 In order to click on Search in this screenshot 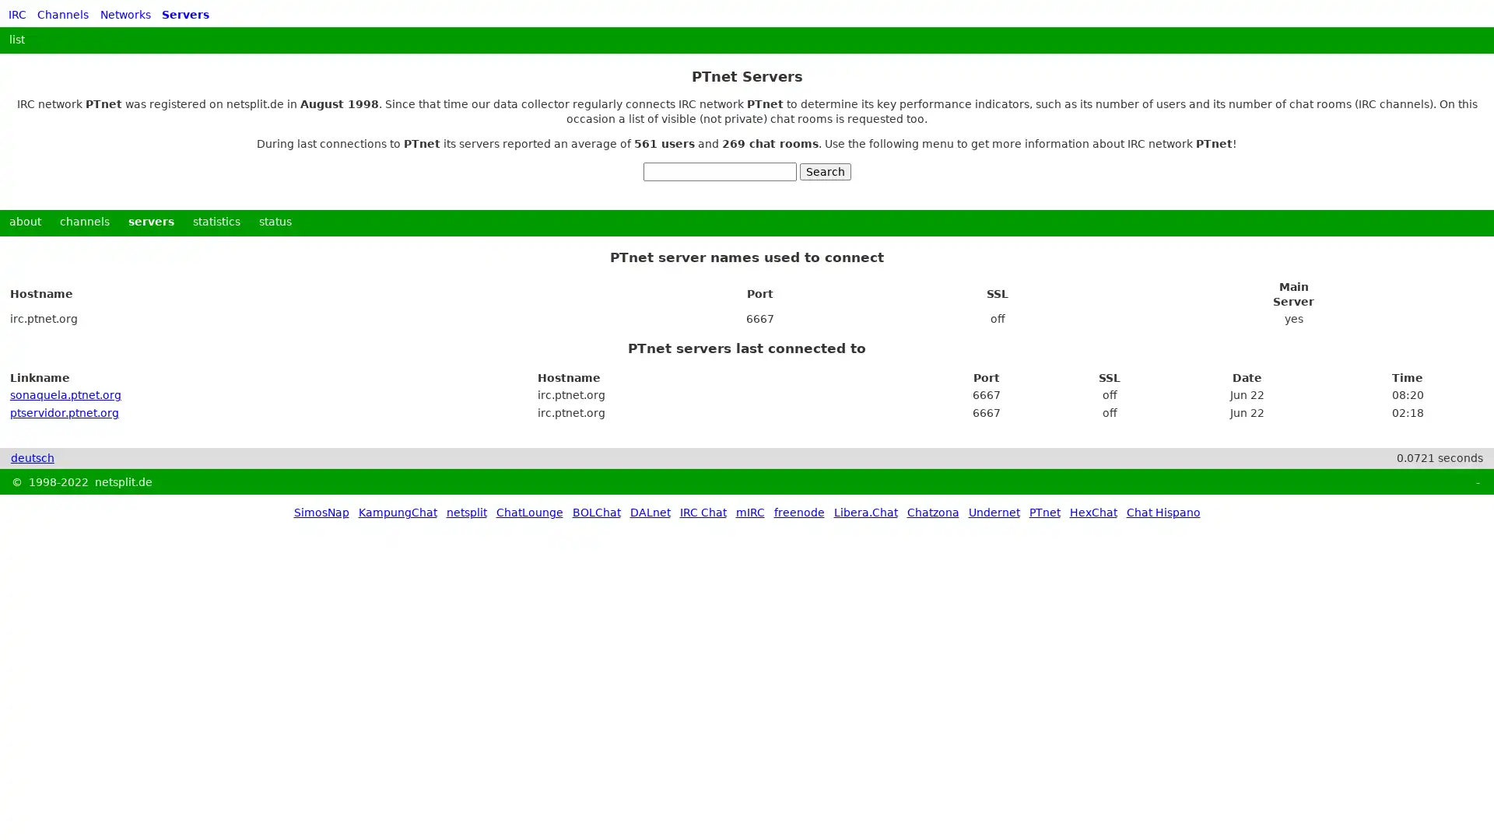, I will do `click(824, 170)`.